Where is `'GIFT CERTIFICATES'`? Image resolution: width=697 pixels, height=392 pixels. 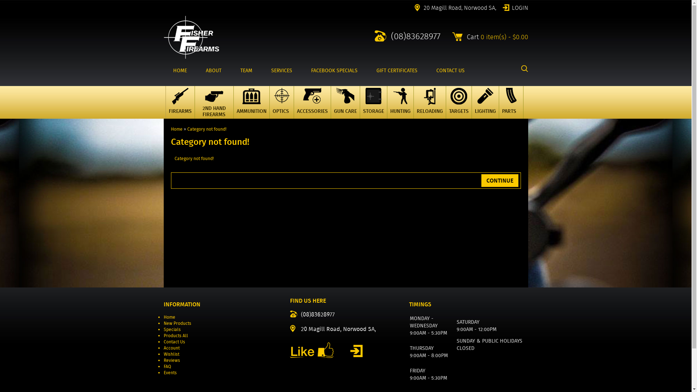 'GIFT CERTIFICATES' is located at coordinates (396, 70).